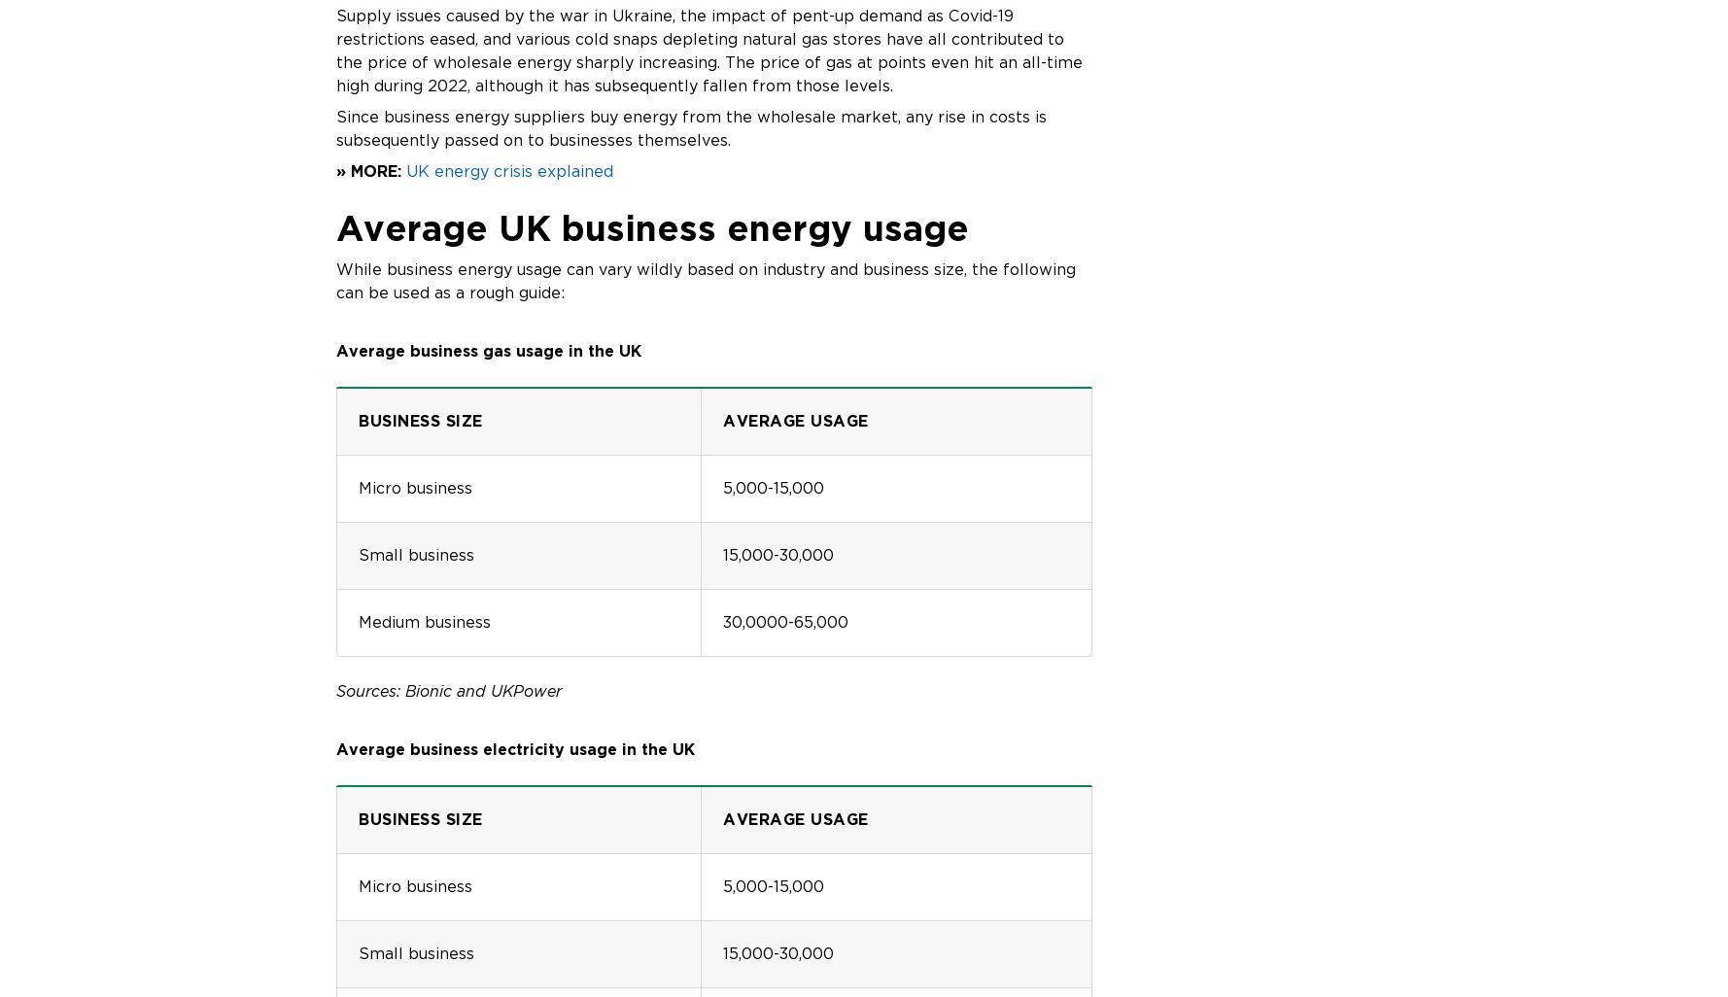 The height and width of the screenshot is (997, 1728). I want to click on 'Average business gas usage in the UK', so click(487, 349).